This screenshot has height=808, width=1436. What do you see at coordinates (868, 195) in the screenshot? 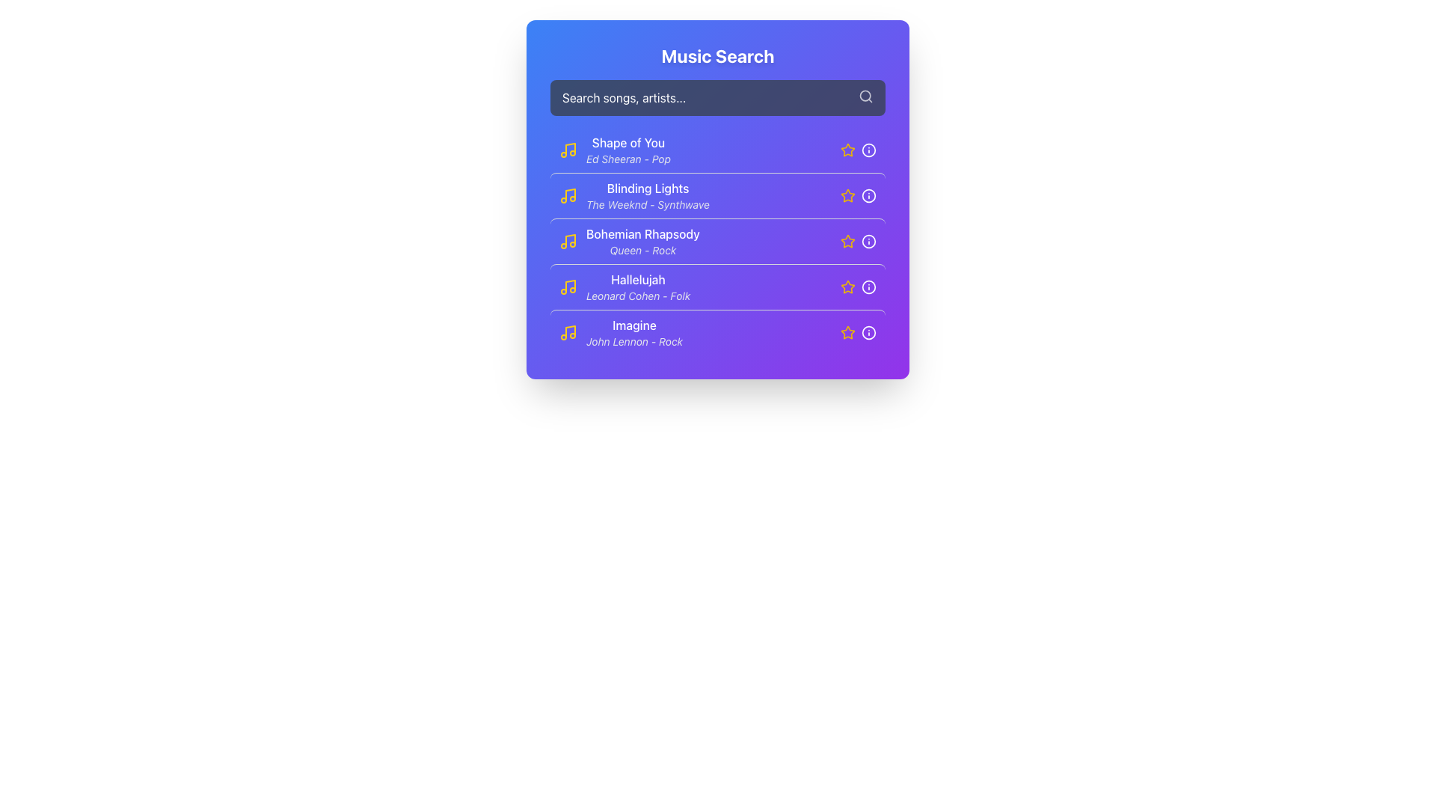
I see `the SVG Circle that visually represents an 'information' icon, located in the rightmost region of the second row next to the star icon for the 'Blinding Lights' entry` at bounding box center [868, 195].